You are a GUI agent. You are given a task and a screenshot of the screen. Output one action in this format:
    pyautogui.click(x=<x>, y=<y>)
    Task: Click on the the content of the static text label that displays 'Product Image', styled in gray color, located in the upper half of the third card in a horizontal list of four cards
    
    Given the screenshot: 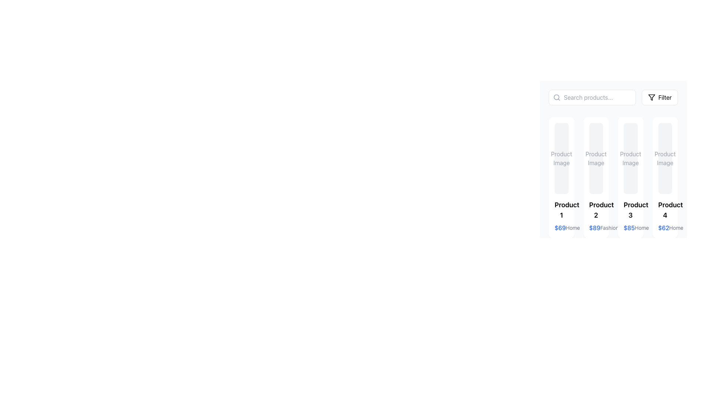 What is the action you would take?
    pyautogui.click(x=630, y=158)
    